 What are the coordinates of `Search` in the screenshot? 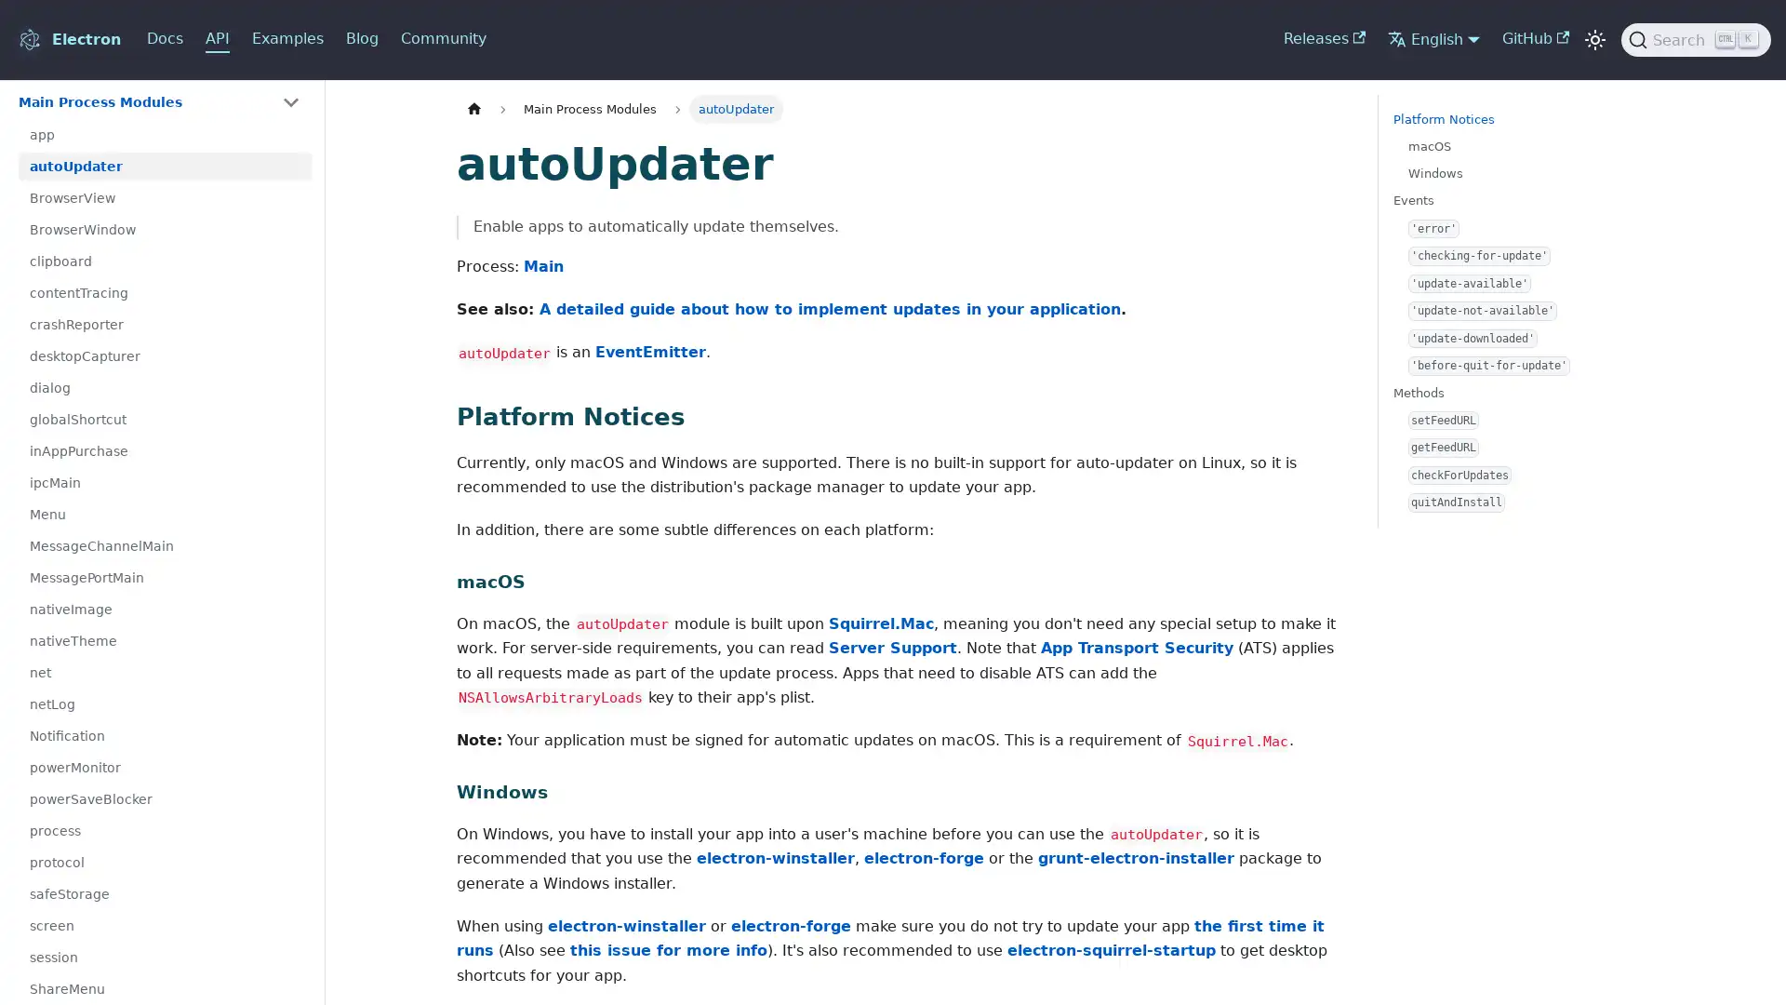 It's located at (1696, 39).